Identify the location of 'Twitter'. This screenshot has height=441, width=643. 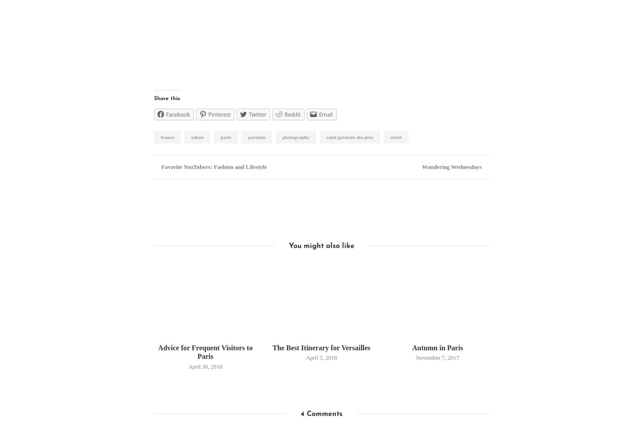
(257, 114).